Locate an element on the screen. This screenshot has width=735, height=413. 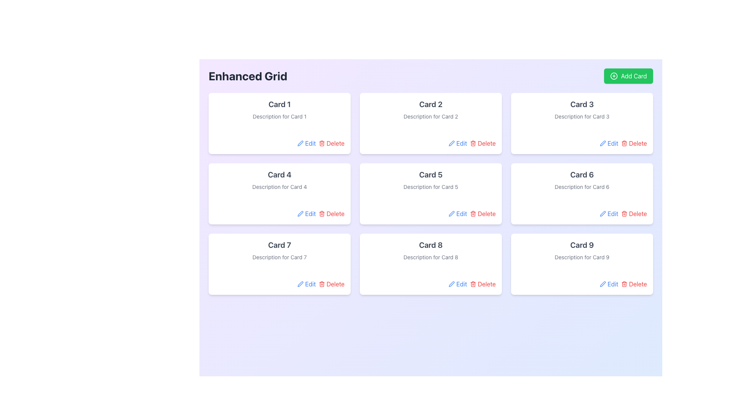
the red trash can icon for delete action is located at coordinates (473, 143).